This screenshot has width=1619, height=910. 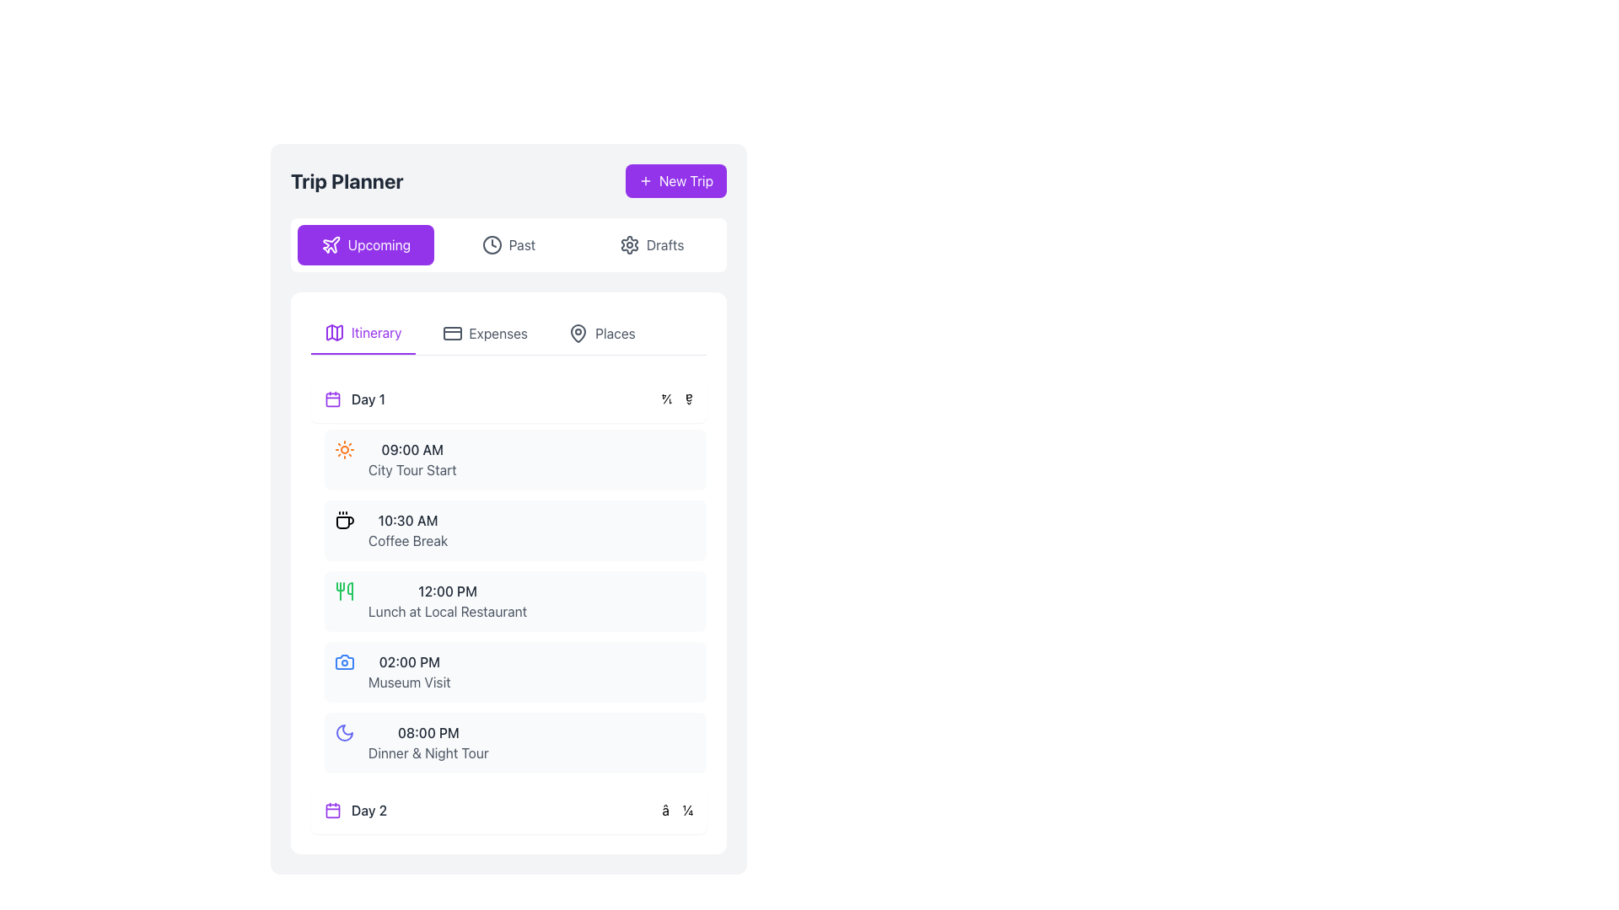 I want to click on displayed event details from the text label 'City Tour Start' which is located in the 'Day 1' itinerary section, directly below the time label '09:00 AM', so click(x=412, y=470).